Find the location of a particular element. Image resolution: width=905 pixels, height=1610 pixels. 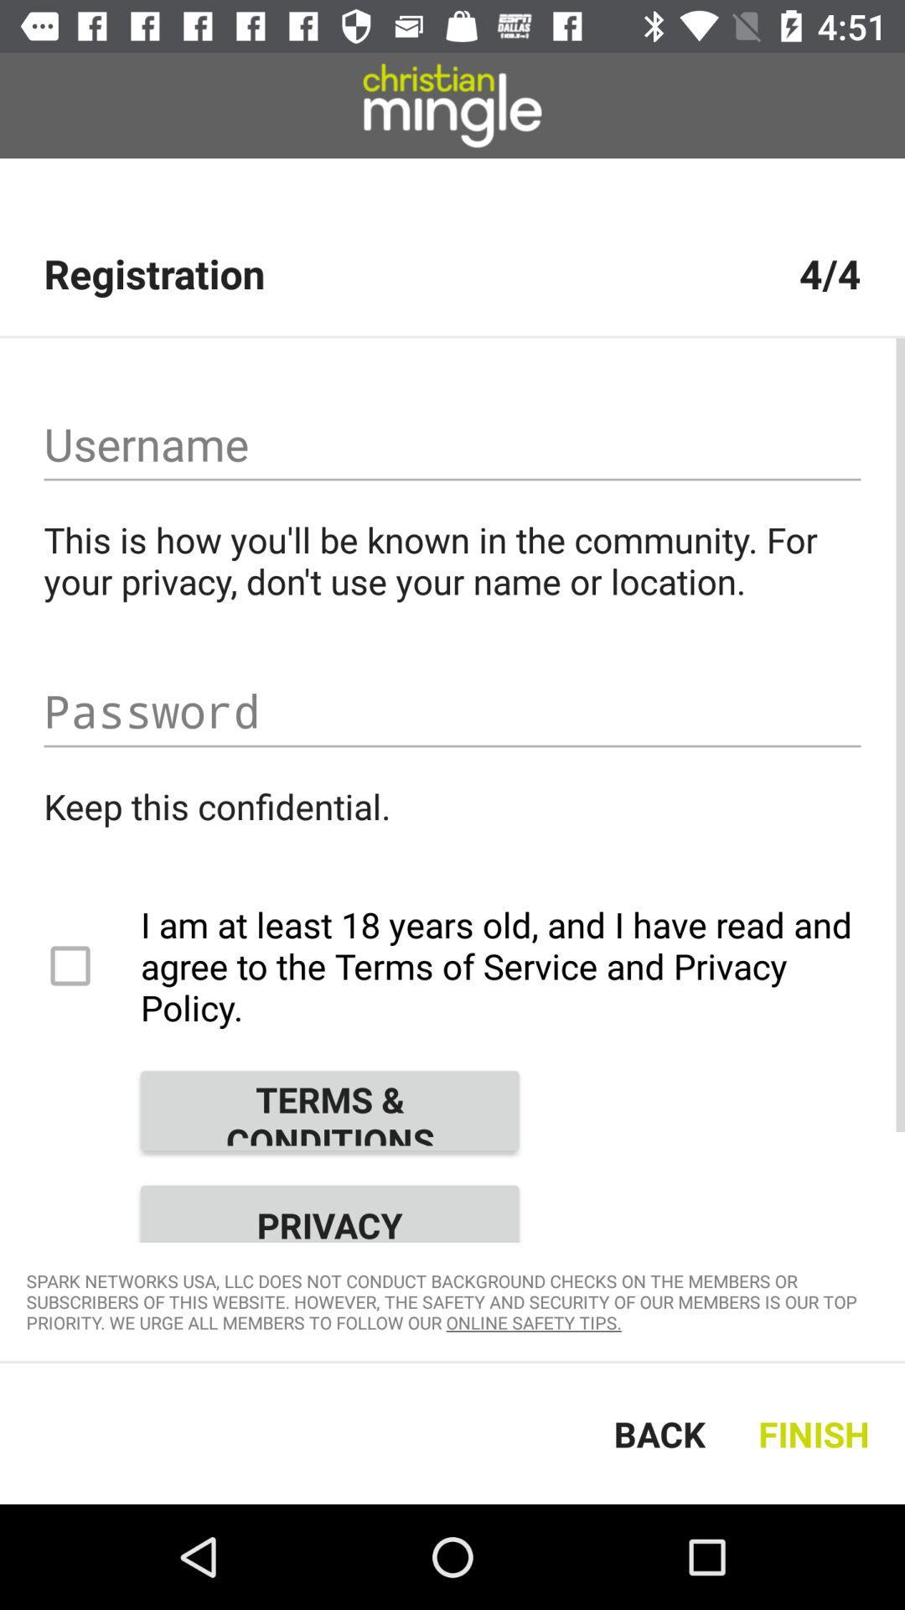

icon below i am at is located at coordinates (329, 1110).